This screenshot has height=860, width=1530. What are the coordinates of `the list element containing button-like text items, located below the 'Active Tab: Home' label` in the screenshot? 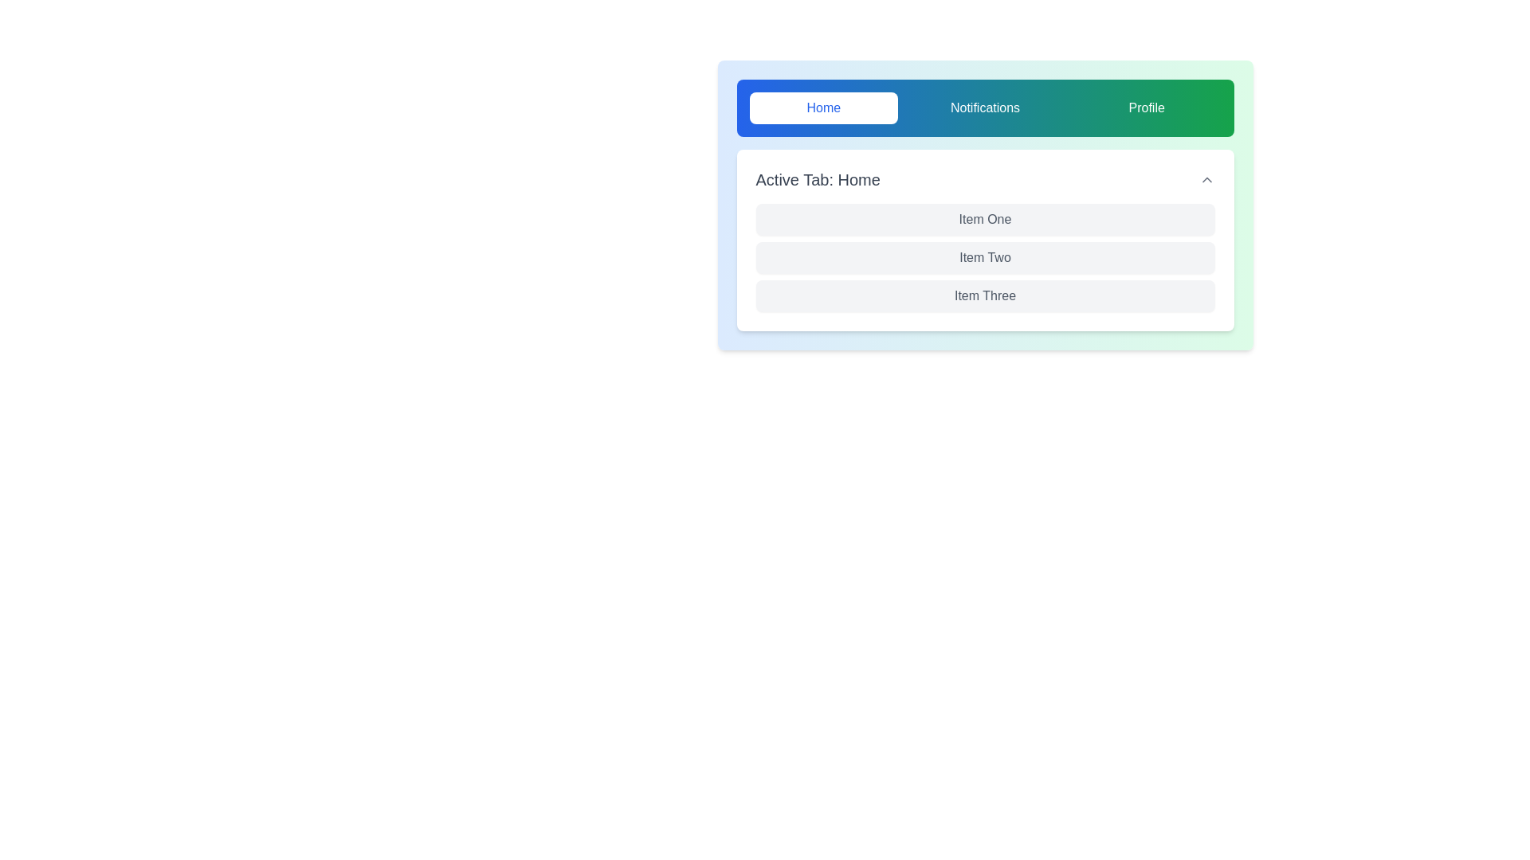 It's located at (984, 205).